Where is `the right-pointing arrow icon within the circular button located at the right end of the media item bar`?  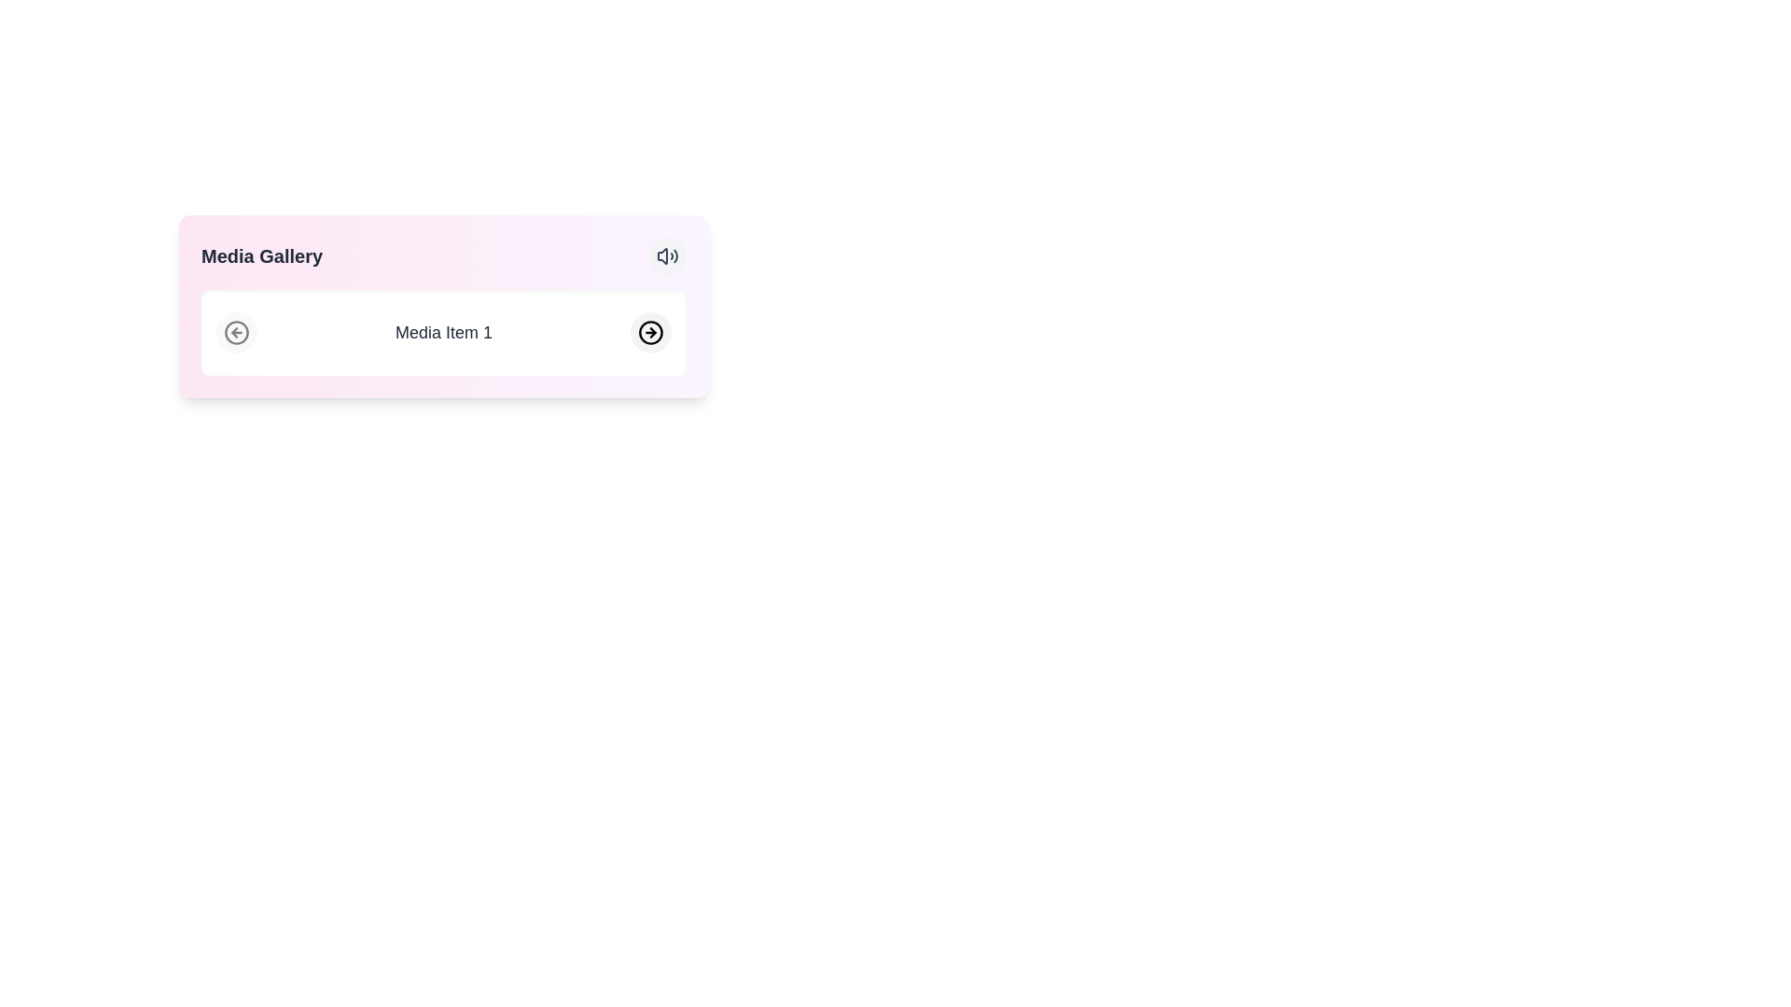 the right-pointing arrow icon within the circular button located at the right end of the media item bar is located at coordinates (653, 332).